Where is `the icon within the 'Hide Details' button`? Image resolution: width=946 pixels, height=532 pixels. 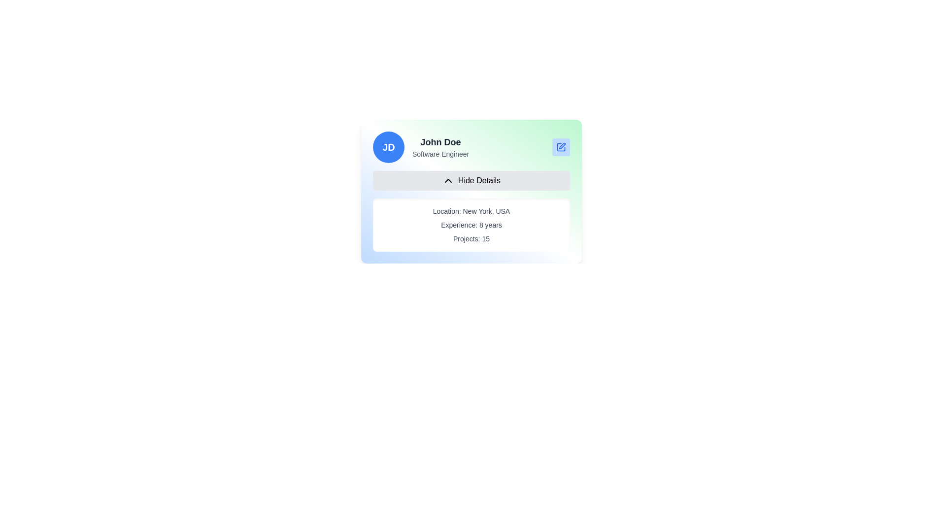 the icon within the 'Hide Details' button is located at coordinates (447, 180).